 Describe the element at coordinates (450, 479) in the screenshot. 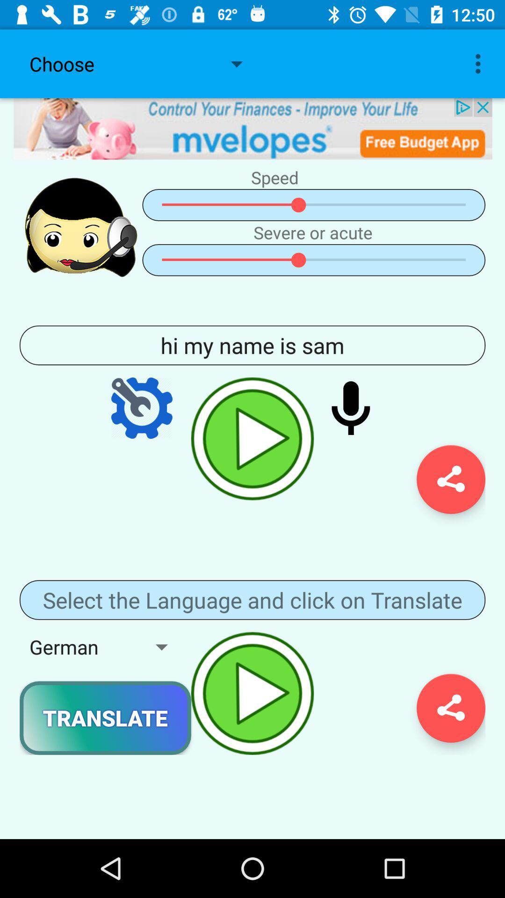

I see `sharing files` at that location.